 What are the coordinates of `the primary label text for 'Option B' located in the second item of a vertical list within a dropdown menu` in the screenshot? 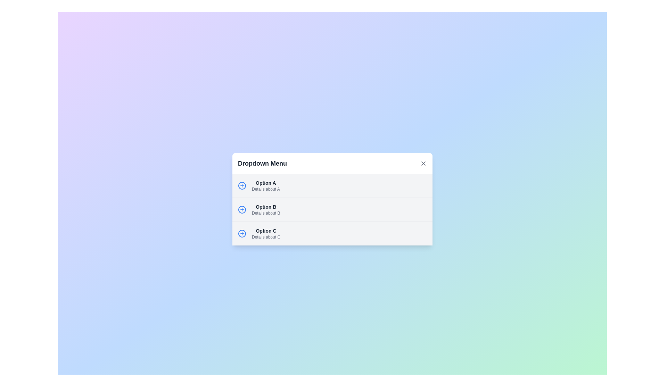 It's located at (265, 207).